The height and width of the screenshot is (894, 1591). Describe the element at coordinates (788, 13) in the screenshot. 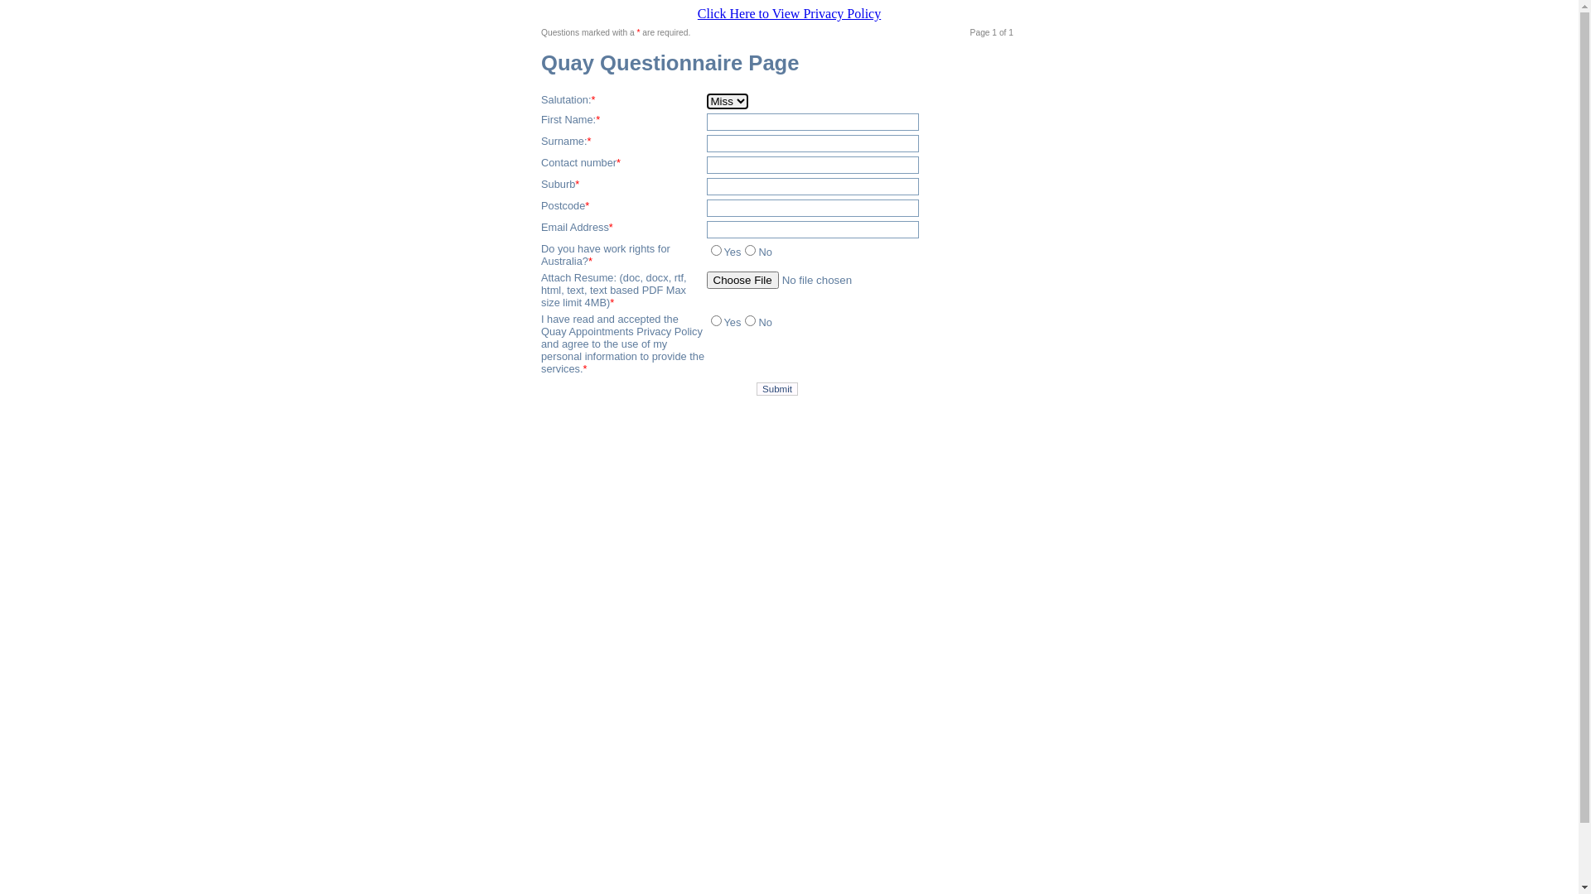

I see `'Click Here to View Privacy Policy'` at that location.